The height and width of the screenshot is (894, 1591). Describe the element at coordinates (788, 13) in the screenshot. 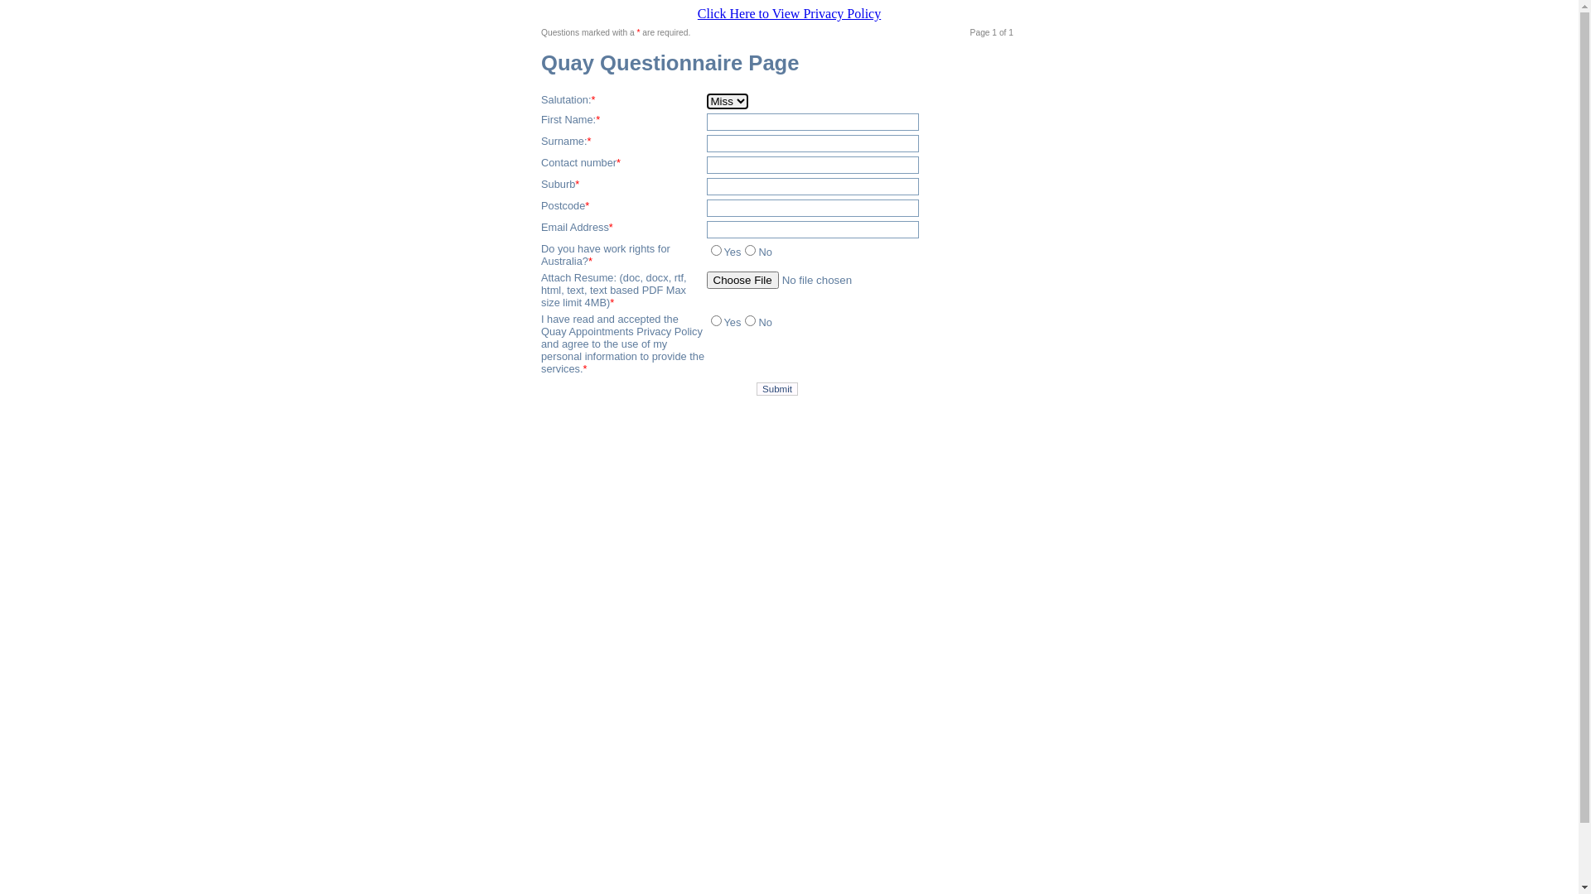

I see `'Click Here to View Privacy Policy'` at that location.